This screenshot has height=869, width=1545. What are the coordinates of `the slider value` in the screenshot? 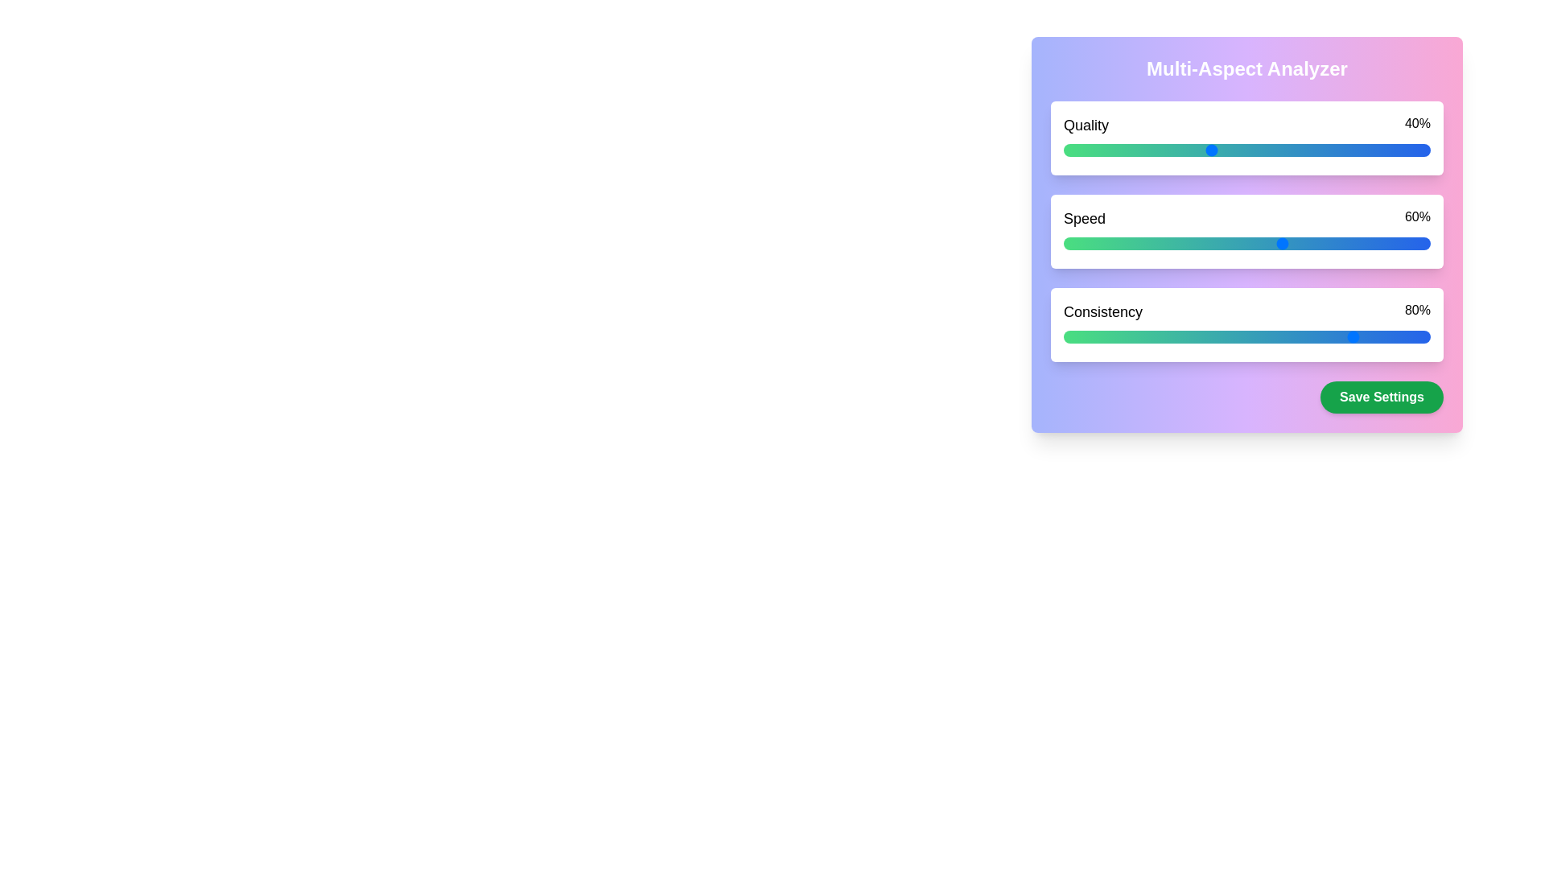 It's located at (1118, 336).